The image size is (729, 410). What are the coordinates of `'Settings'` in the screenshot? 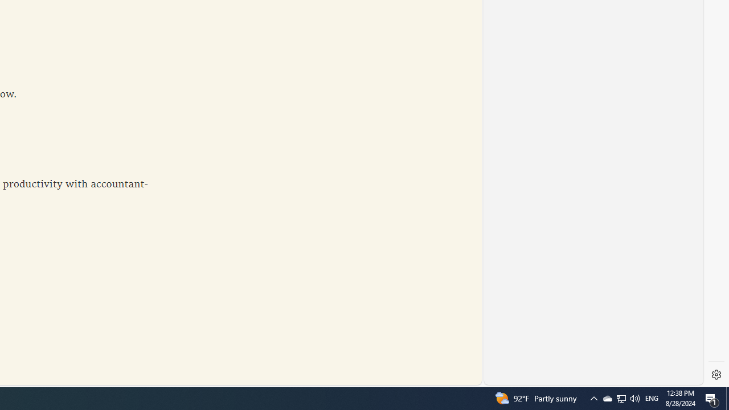 It's located at (716, 375).